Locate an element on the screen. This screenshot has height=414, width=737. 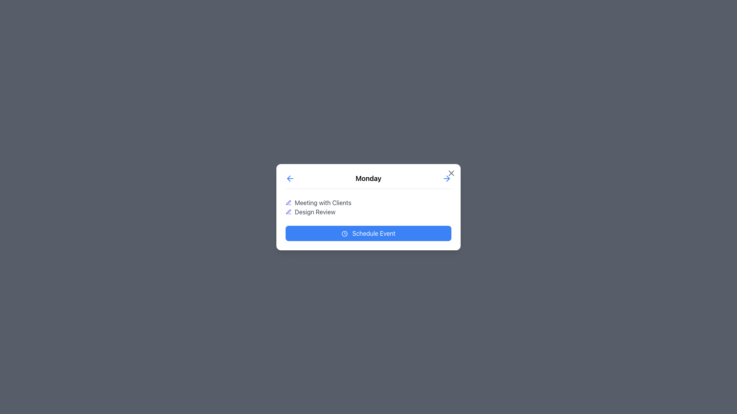
the text display that indicates the currently selected day in the navigation or scheduling interface is located at coordinates (368, 178).